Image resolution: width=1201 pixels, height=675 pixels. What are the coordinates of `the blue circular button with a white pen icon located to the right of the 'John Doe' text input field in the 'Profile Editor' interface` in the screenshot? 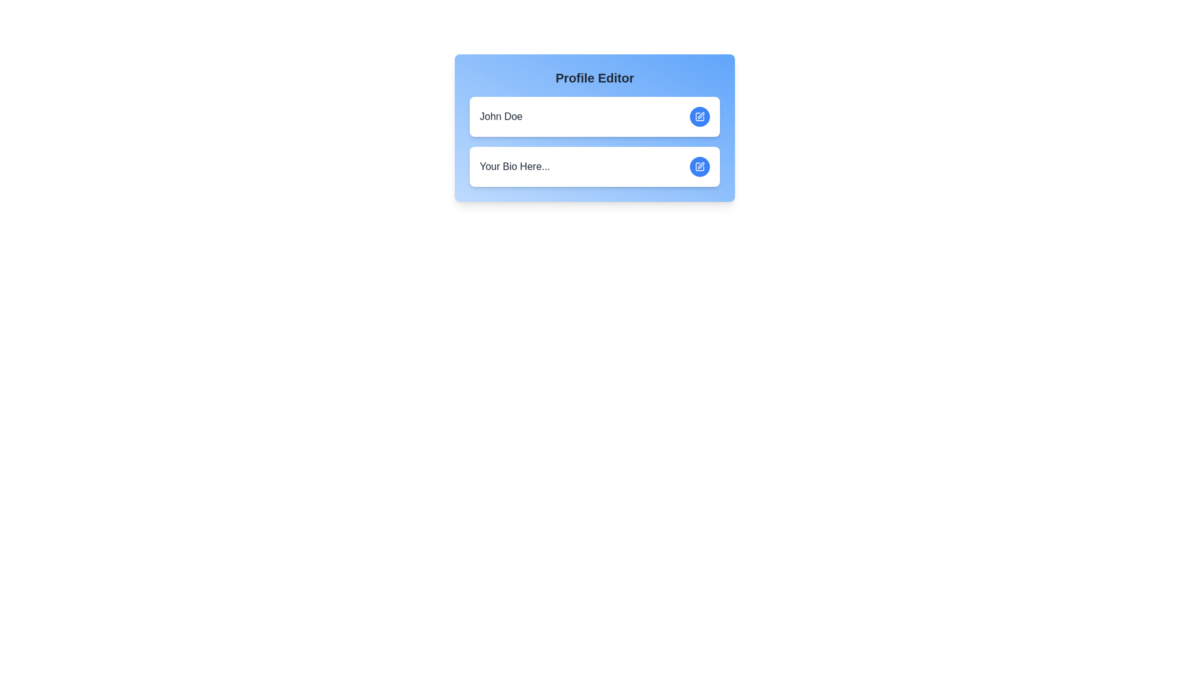 It's located at (699, 116).